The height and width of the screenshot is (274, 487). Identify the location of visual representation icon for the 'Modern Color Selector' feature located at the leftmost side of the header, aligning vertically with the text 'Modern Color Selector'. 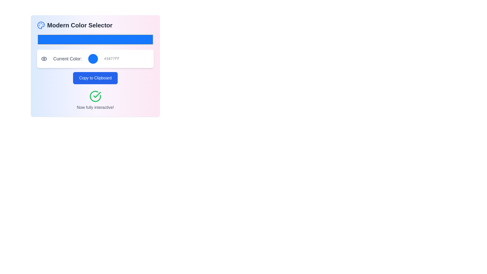
(41, 25).